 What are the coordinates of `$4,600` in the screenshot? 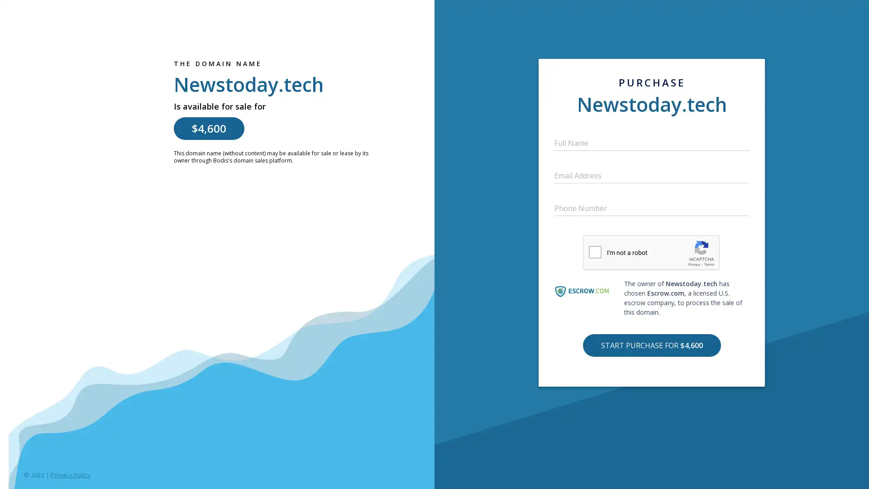 It's located at (208, 129).